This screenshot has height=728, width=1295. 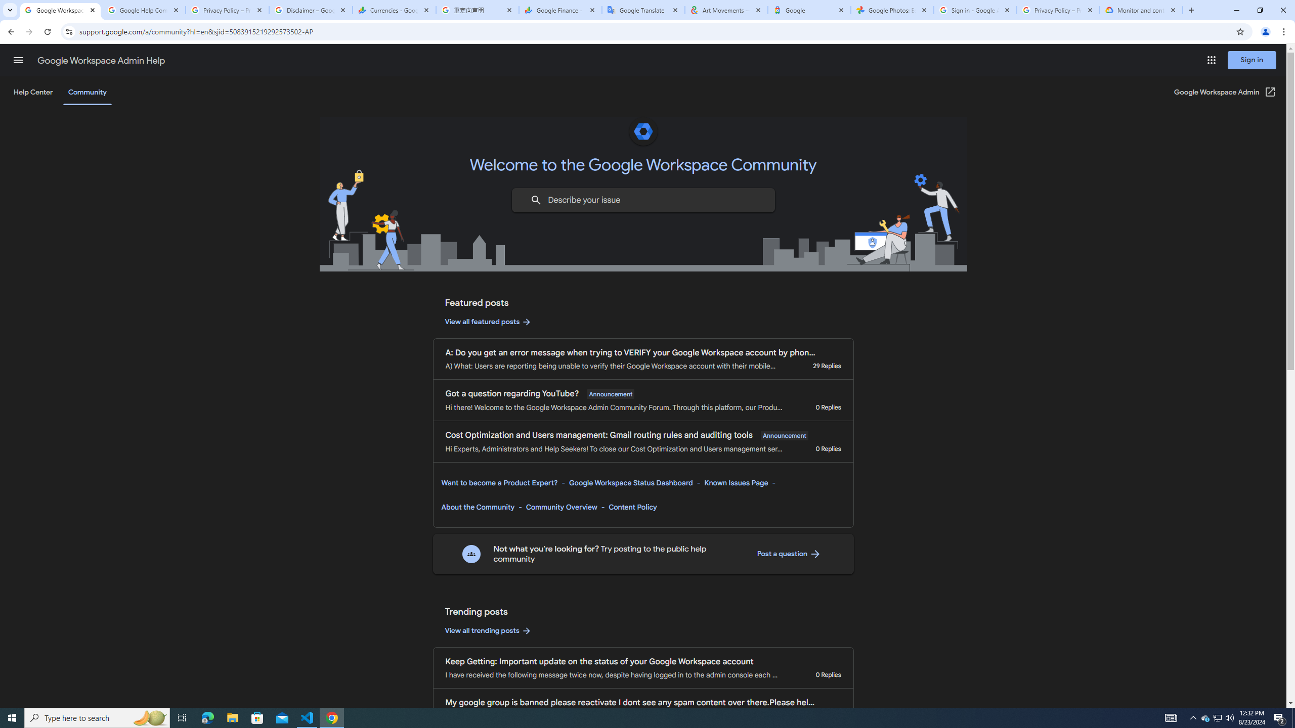 What do you see at coordinates (736, 482) in the screenshot?
I see `'Known Issues Page'` at bounding box center [736, 482].